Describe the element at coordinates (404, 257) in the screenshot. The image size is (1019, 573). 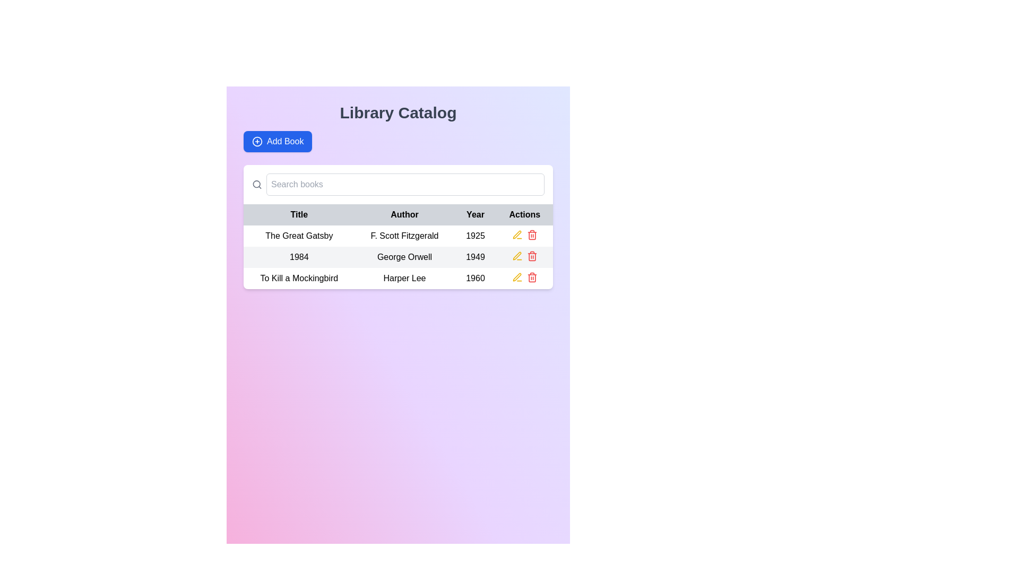
I see `the text label displaying the author's name for the book '1984', located in the second row under the 'Author' column in the table` at that location.